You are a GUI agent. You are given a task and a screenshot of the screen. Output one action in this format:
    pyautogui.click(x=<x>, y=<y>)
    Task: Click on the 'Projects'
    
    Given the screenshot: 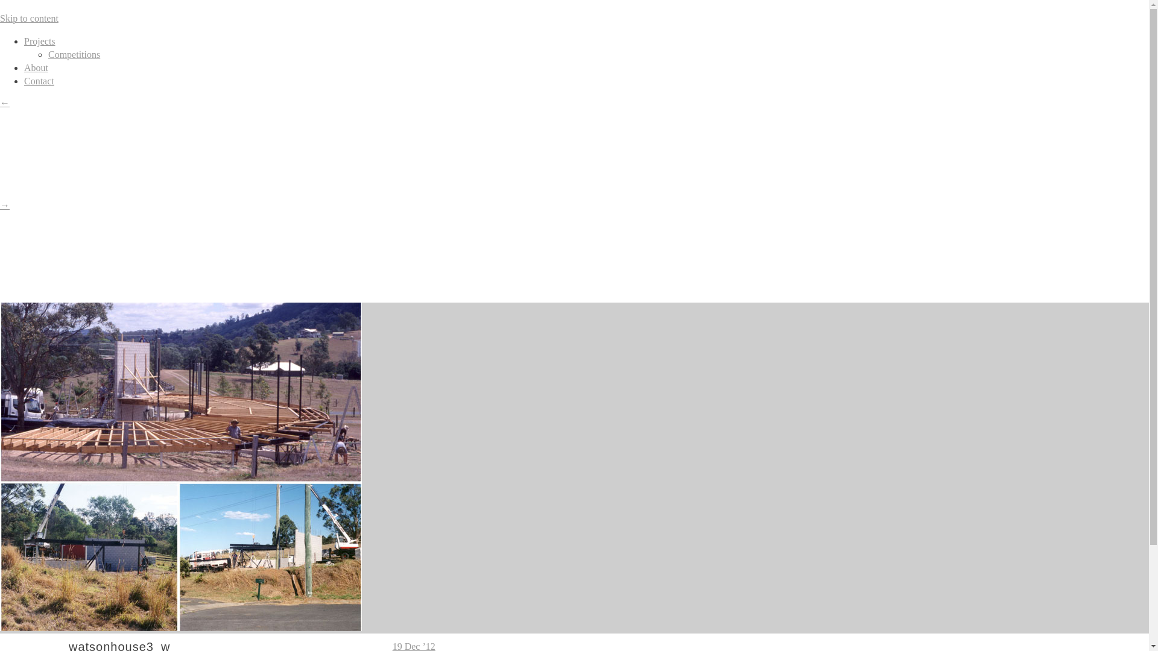 What is the action you would take?
    pyautogui.click(x=40, y=40)
    